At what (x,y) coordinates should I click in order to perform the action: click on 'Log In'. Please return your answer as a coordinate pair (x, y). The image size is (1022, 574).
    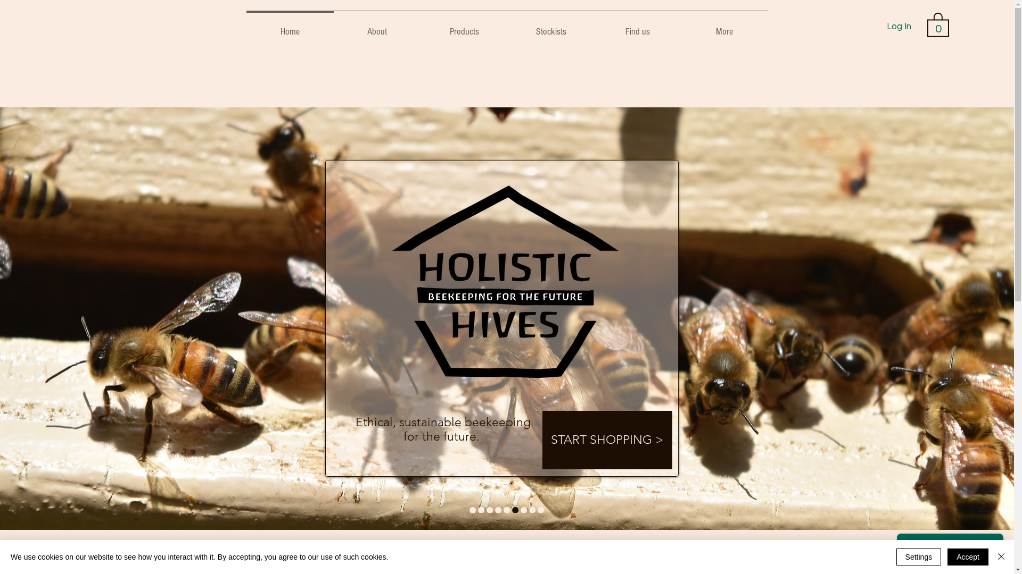
    Looking at the image, I should click on (899, 26).